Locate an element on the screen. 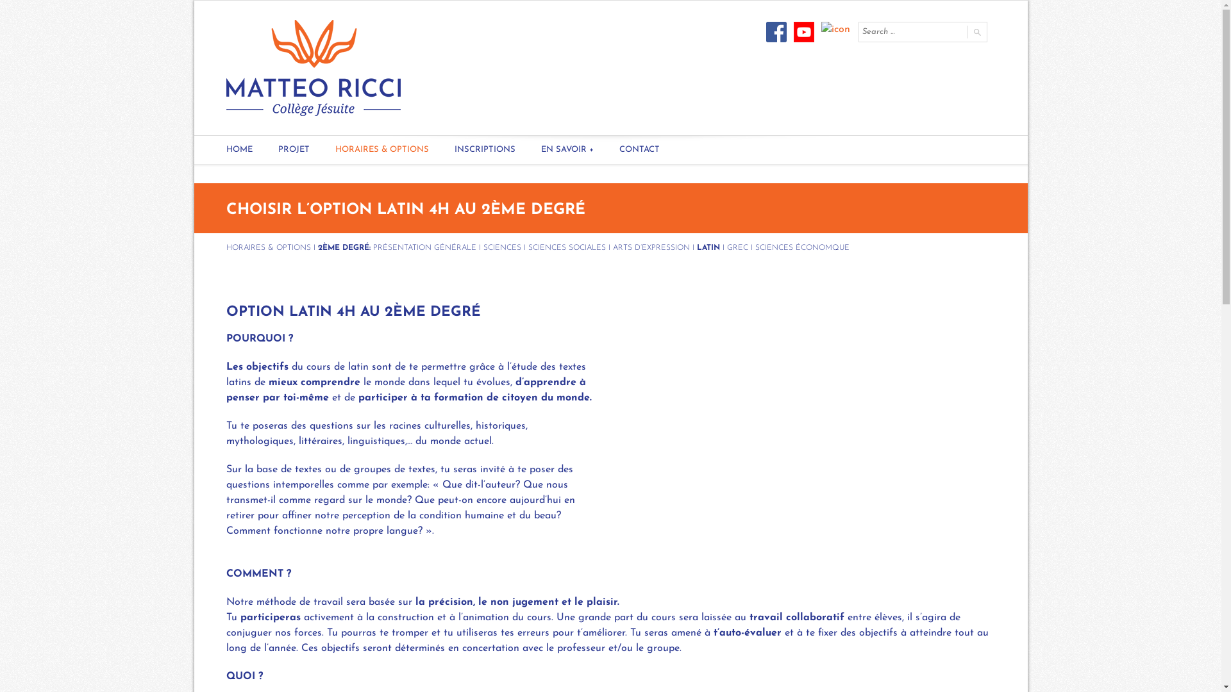 The image size is (1231, 692). 'INSCRIPTIONS' is located at coordinates (483, 149).